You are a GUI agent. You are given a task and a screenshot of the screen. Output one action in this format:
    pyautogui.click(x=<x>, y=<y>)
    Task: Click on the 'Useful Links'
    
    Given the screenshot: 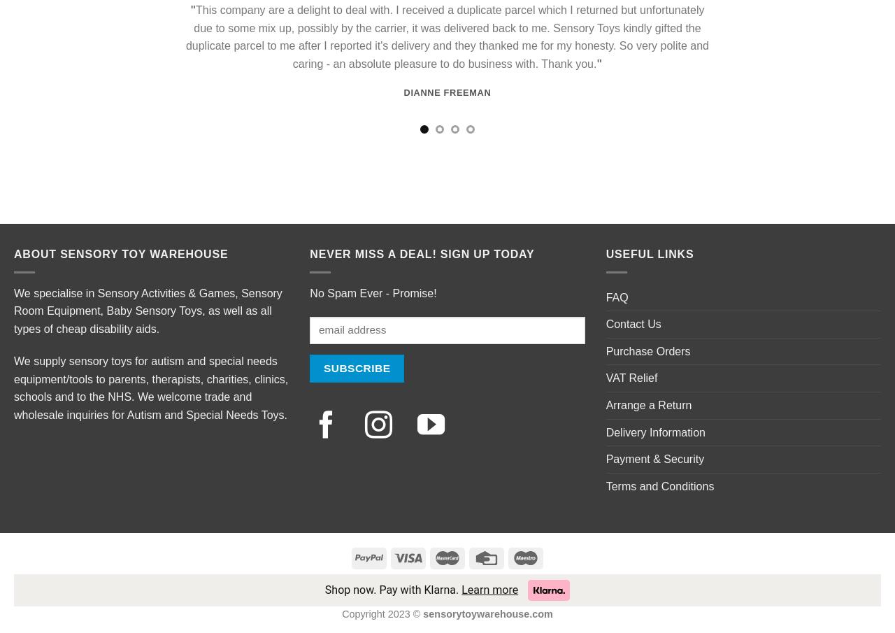 What is the action you would take?
    pyautogui.click(x=649, y=253)
    